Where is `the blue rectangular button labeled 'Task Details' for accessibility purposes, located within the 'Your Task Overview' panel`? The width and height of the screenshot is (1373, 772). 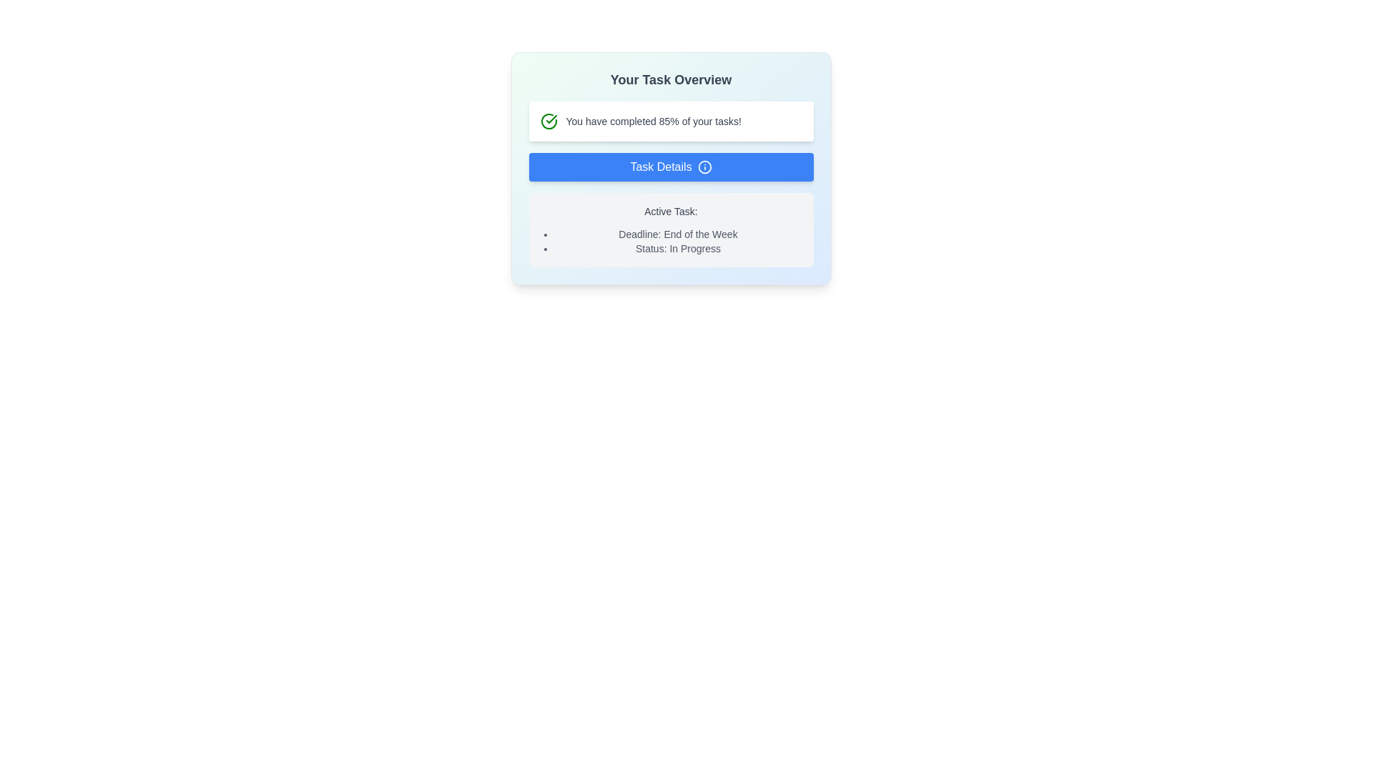
the blue rectangular button labeled 'Task Details' for accessibility purposes, located within the 'Your Task Overview' panel is located at coordinates (670, 167).